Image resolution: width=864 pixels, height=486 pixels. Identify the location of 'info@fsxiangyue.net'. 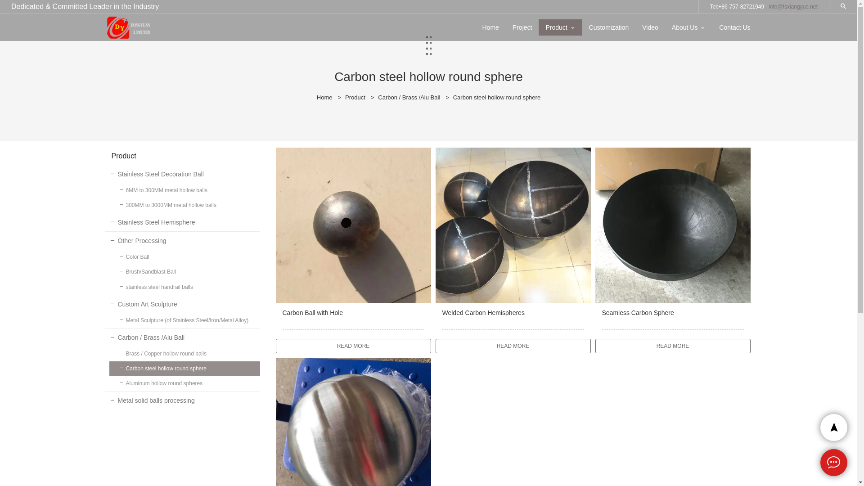
(793, 7).